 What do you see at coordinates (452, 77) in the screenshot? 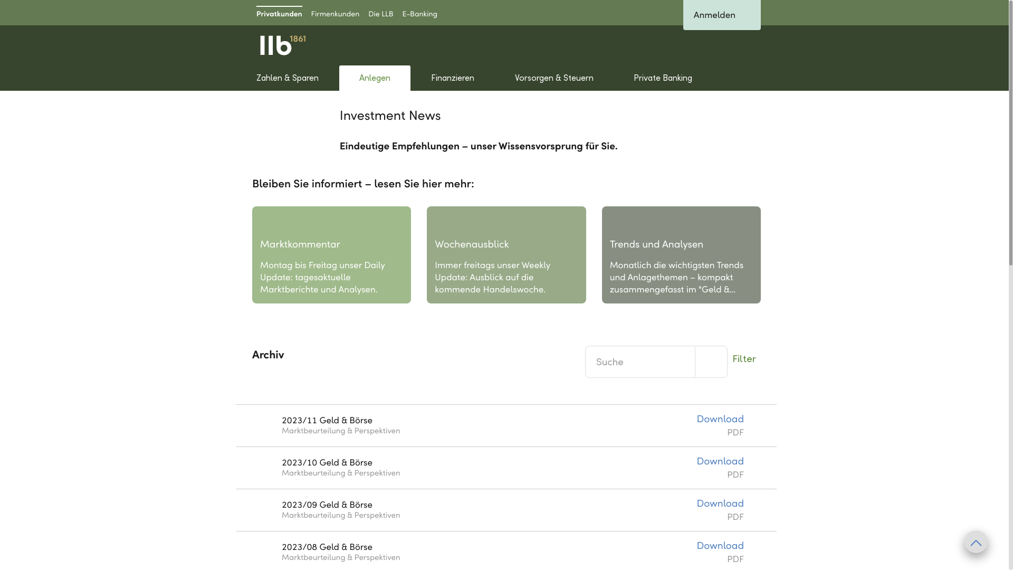
I see `'Finanzieren'` at bounding box center [452, 77].